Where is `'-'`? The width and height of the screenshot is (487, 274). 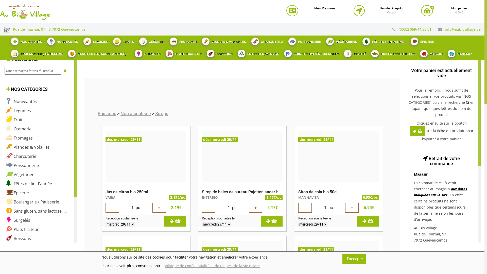 '-' is located at coordinates (112, 208).